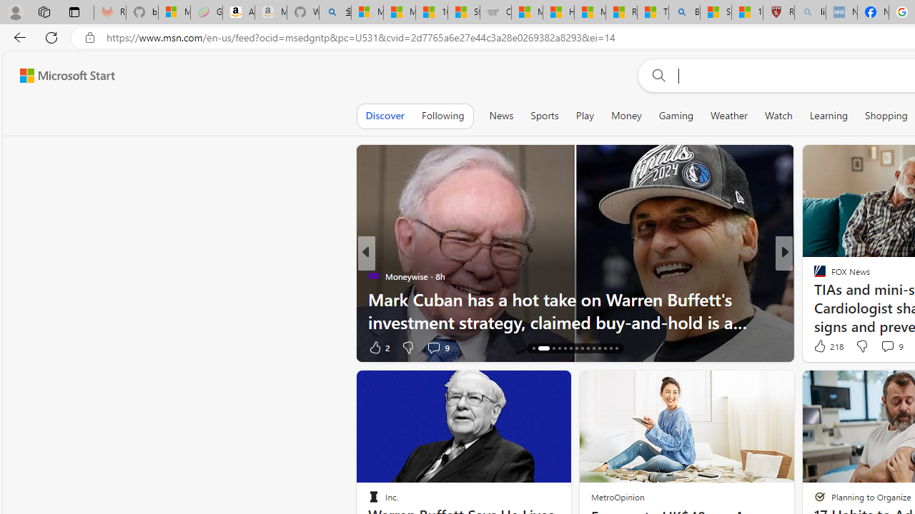  I want to click on 'View comments 9 Comment', so click(886, 346).